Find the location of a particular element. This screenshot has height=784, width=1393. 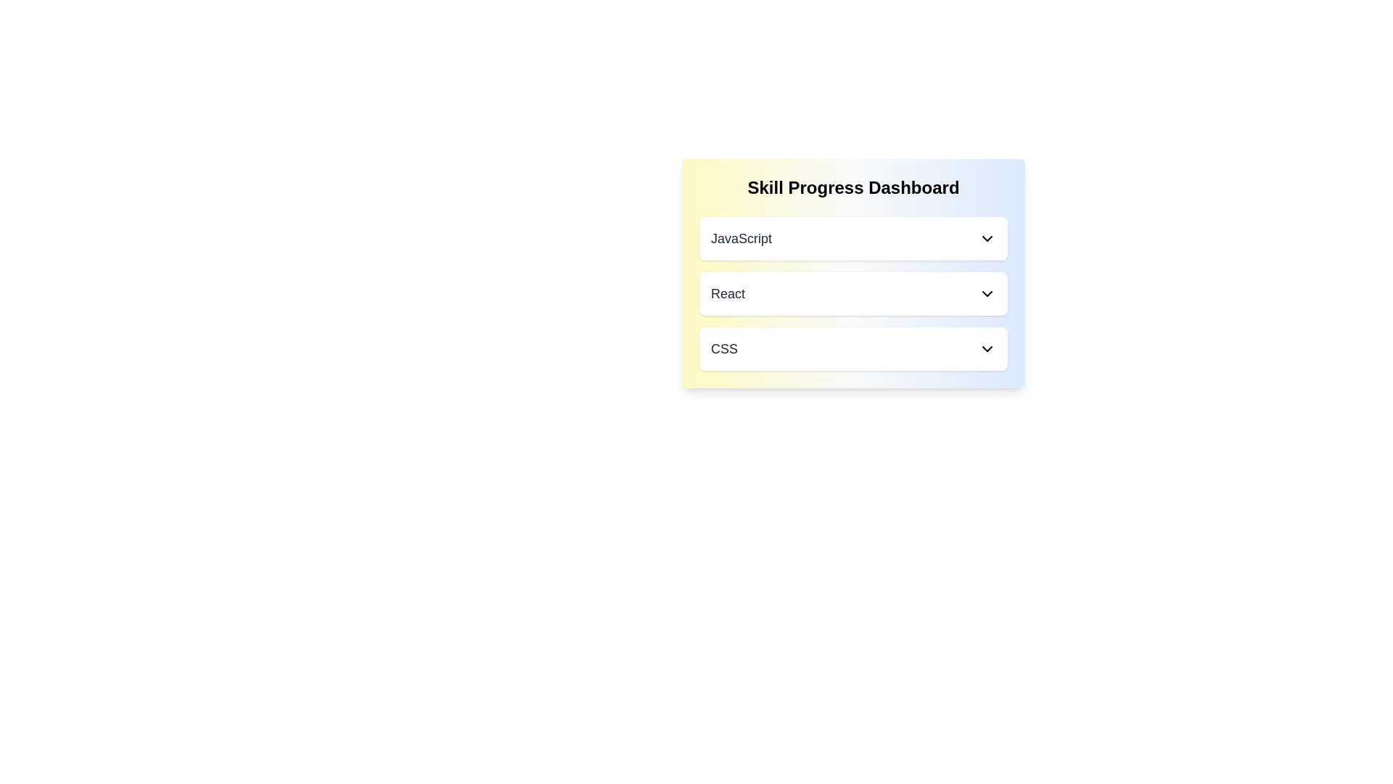

the 'React' dropdown menu item is located at coordinates (853, 294).